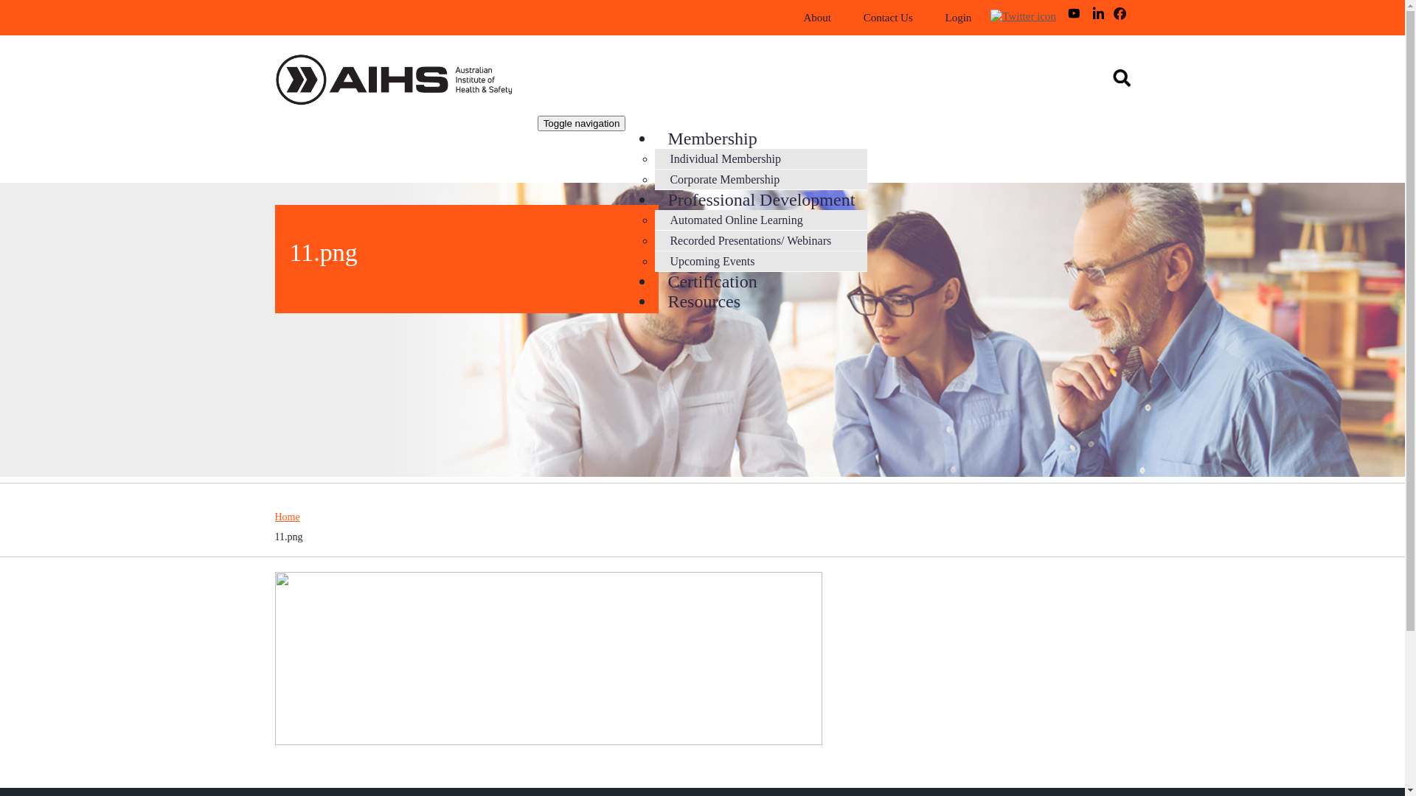 Image resolution: width=1416 pixels, height=796 pixels. I want to click on 'Home', so click(286, 516).